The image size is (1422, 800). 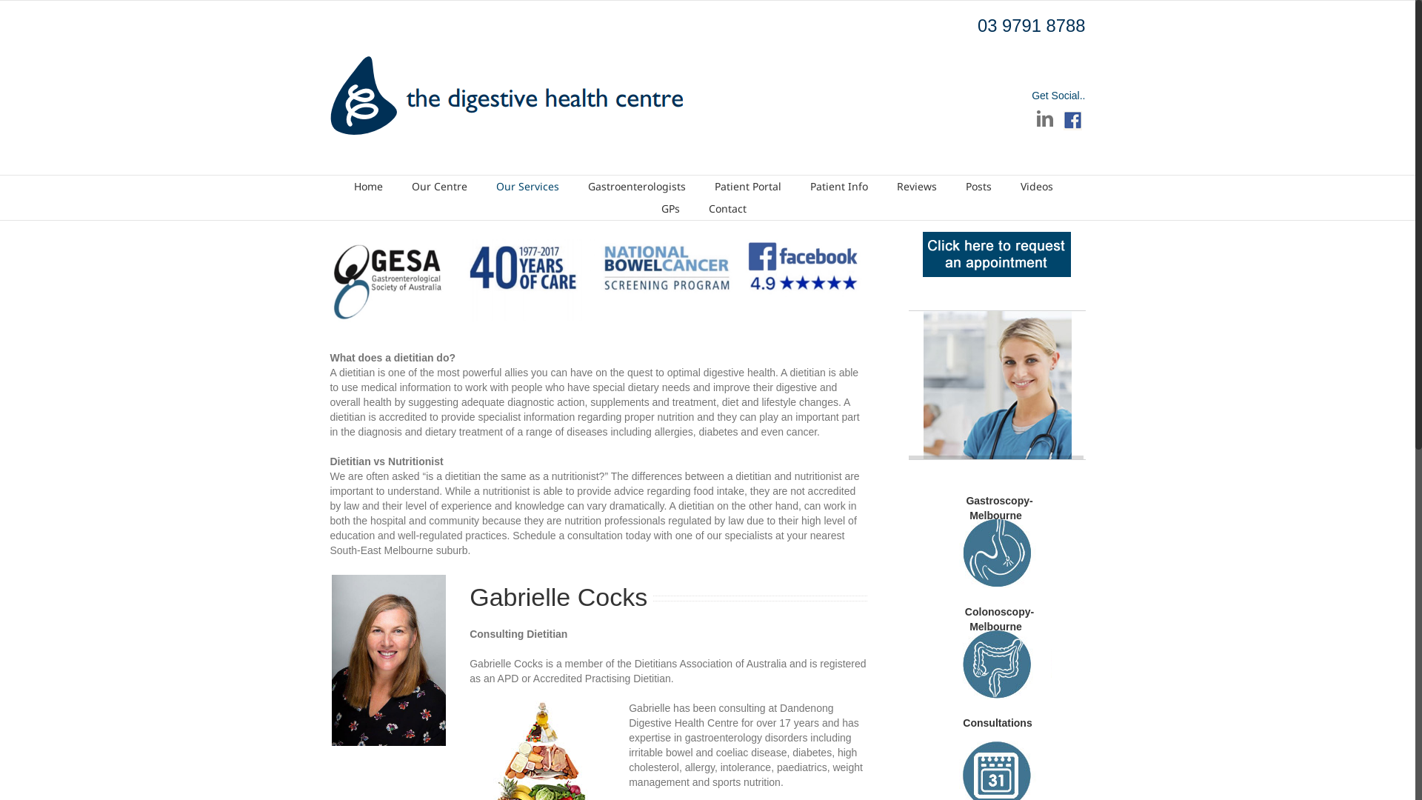 What do you see at coordinates (810, 185) in the screenshot?
I see `'Patient Info'` at bounding box center [810, 185].